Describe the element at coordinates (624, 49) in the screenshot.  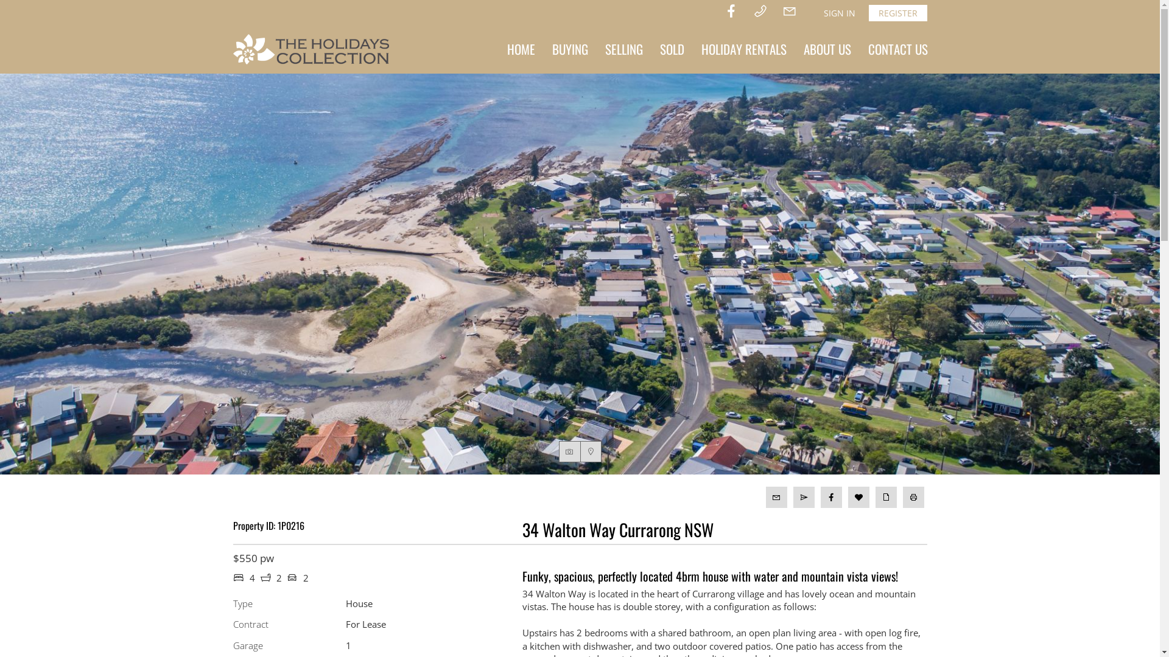
I see `'SELLING'` at that location.